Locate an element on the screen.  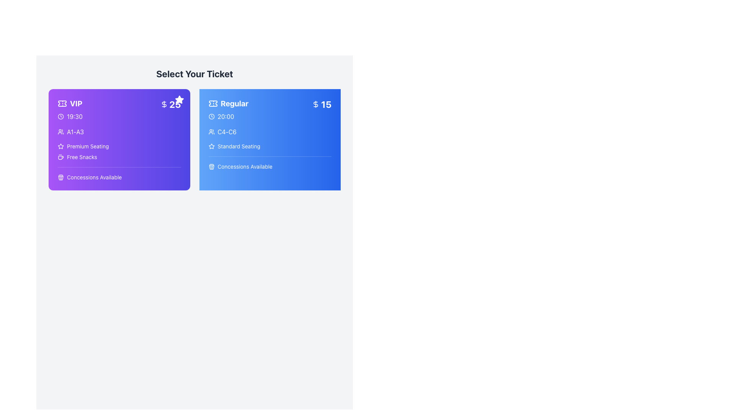
the price label for the 'Regular' ticket displayed in large text in the top-right corner of the blue card labeled 'Regular' is located at coordinates (326, 104).